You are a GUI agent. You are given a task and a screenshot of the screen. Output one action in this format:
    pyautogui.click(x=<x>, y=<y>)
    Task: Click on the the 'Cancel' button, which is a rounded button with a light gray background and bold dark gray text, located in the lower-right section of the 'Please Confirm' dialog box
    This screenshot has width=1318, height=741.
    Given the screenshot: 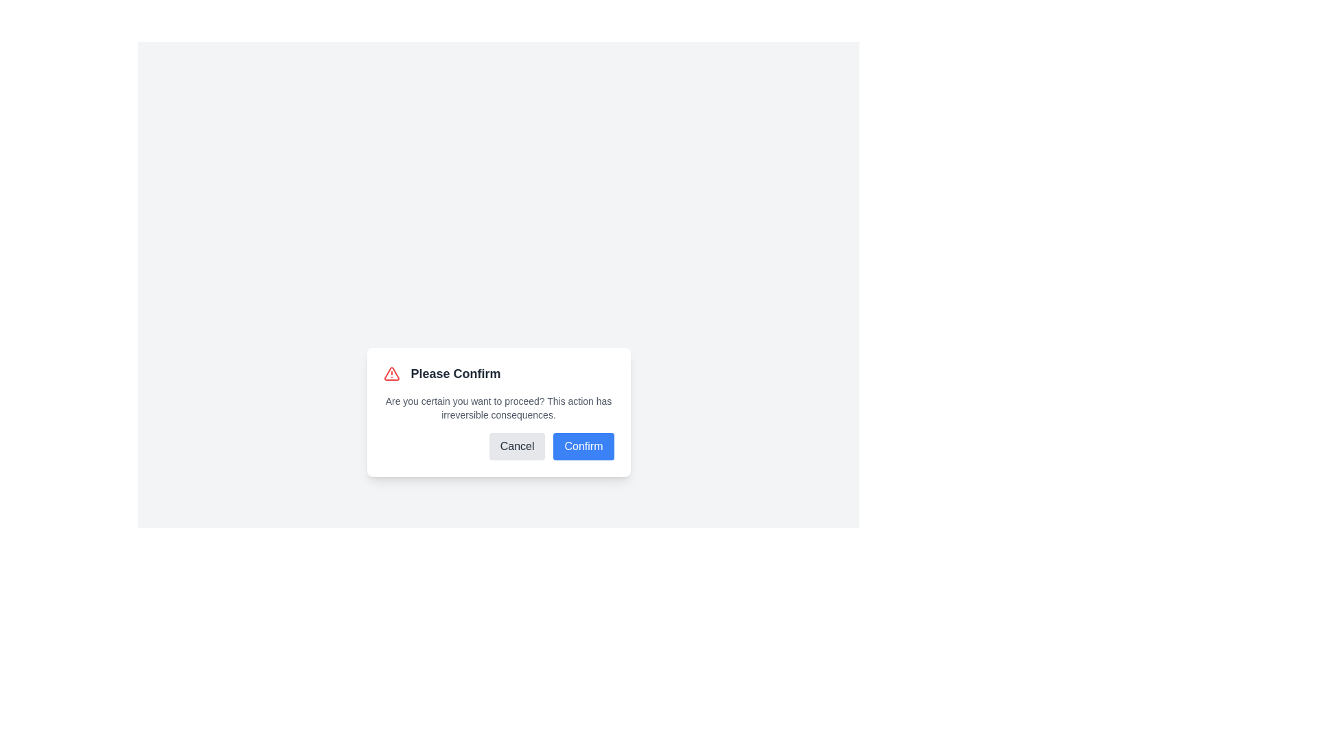 What is the action you would take?
    pyautogui.click(x=516, y=447)
    